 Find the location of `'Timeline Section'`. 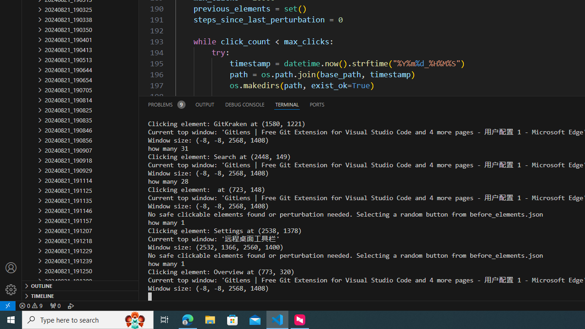

'Timeline Section' is located at coordinates (80, 295).